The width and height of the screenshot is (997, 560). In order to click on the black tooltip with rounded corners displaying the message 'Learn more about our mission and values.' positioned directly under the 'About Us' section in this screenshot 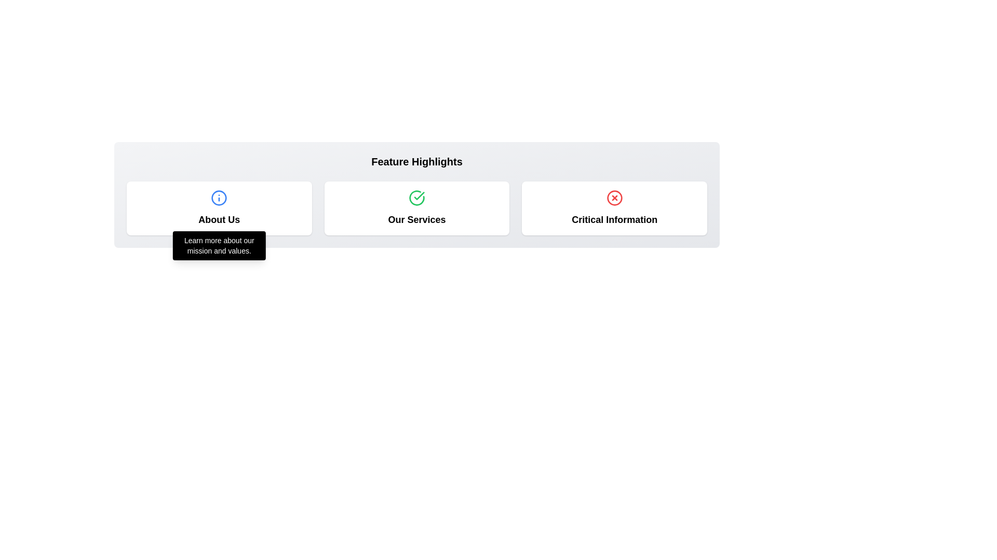, I will do `click(219, 246)`.